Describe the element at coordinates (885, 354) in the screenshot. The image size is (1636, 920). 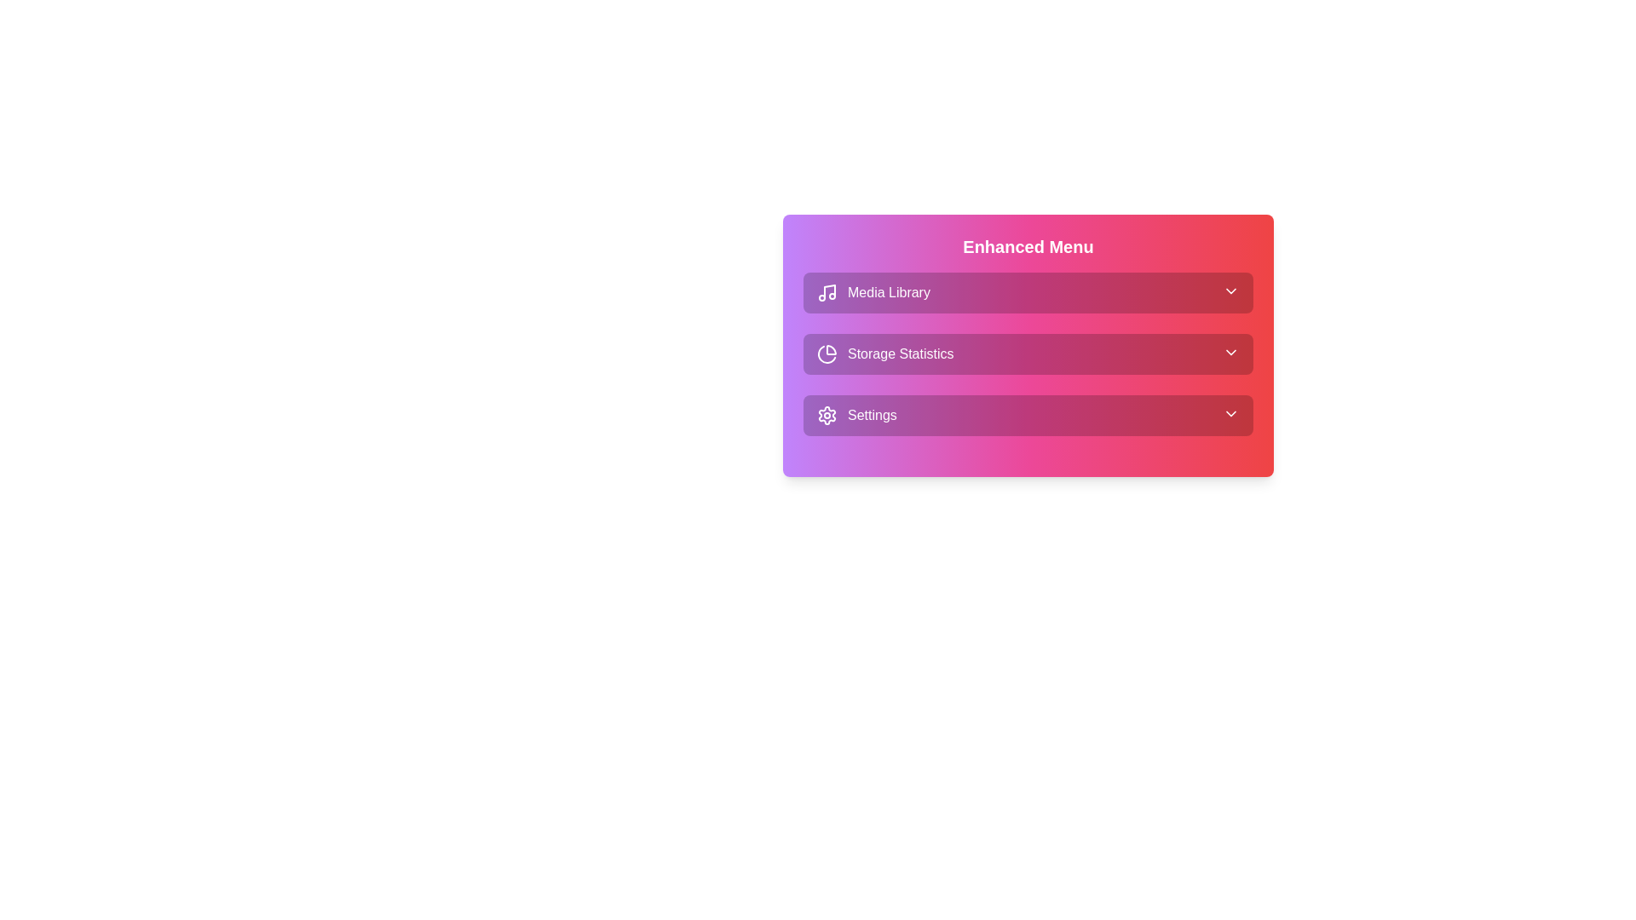
I see `the 'Storage Statistics' menu item, which features a circular pie chart icon to its left and is located in the second row of the enhanced menu panel` at that location.